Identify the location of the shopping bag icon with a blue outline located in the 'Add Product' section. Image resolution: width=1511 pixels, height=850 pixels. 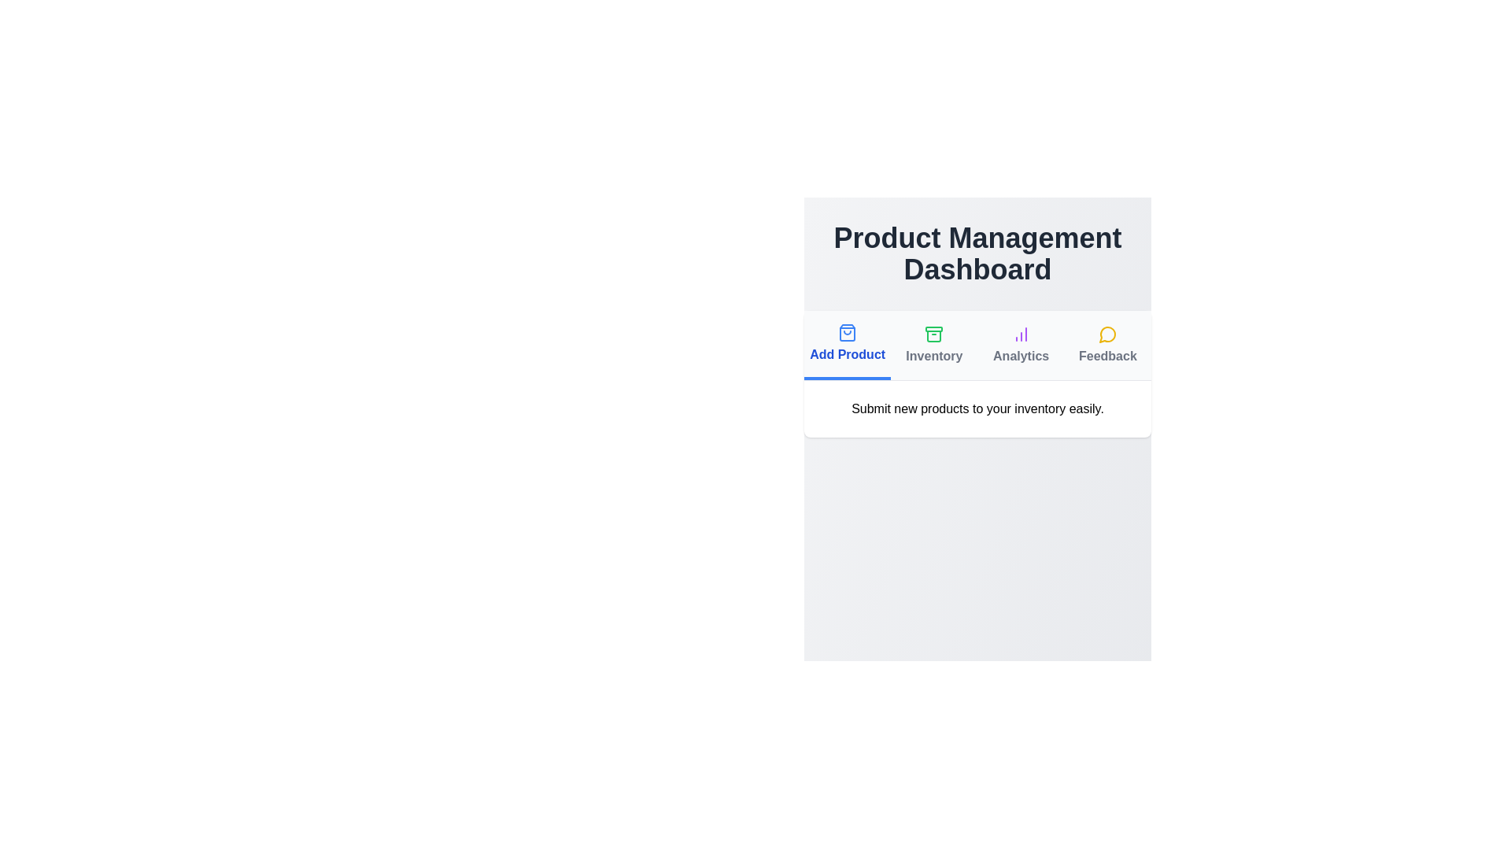
(847, 332).